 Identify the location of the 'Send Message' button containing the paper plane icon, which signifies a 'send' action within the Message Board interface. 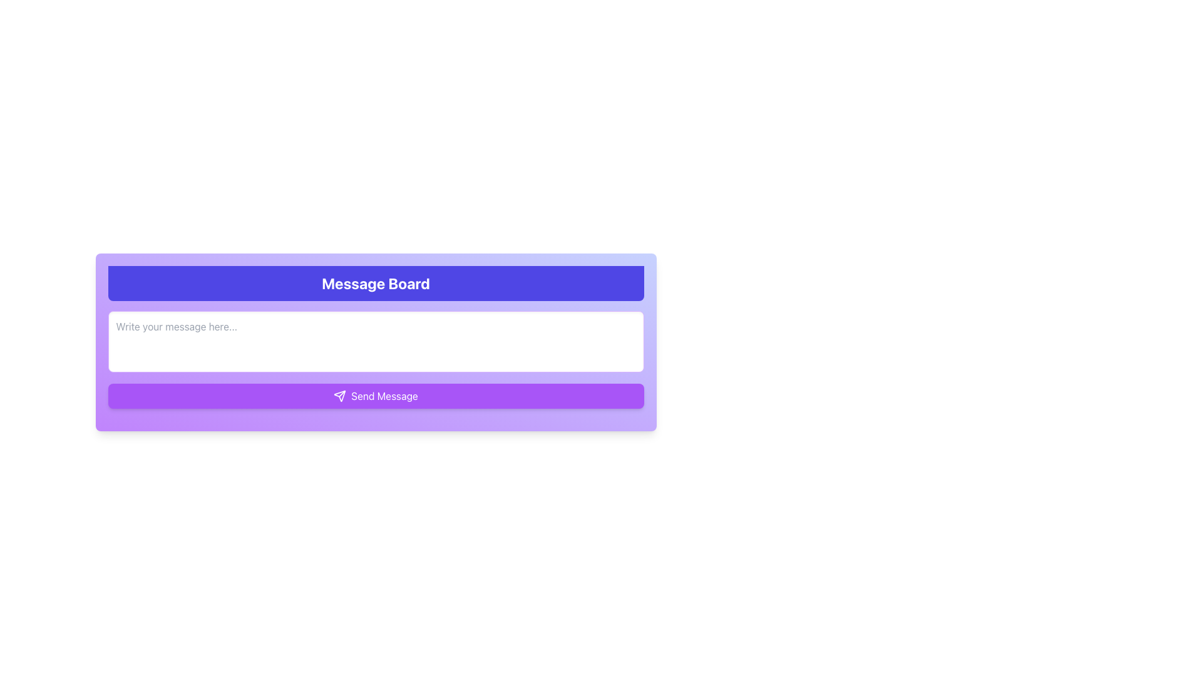
(340, 396).